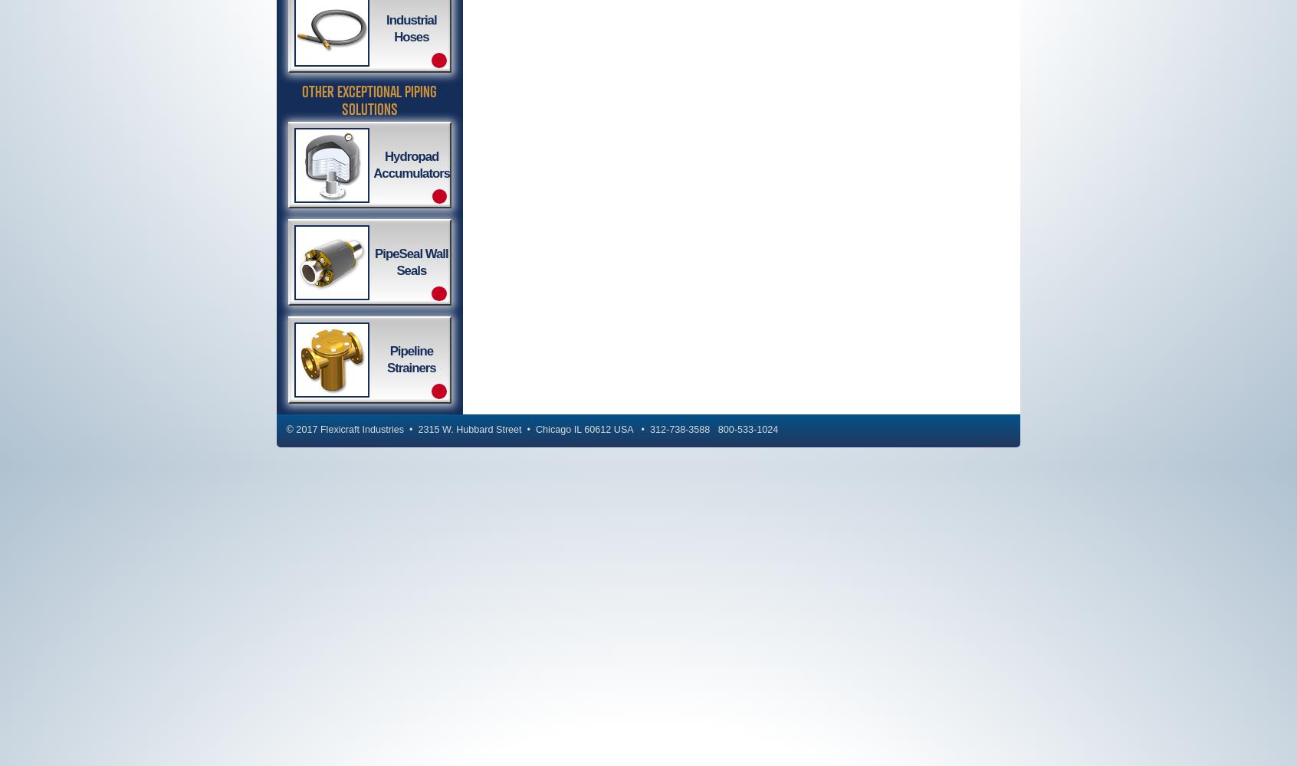  Describe the element at coordinates (576, 430) in the screenshot. I see `'IL'` at that location.